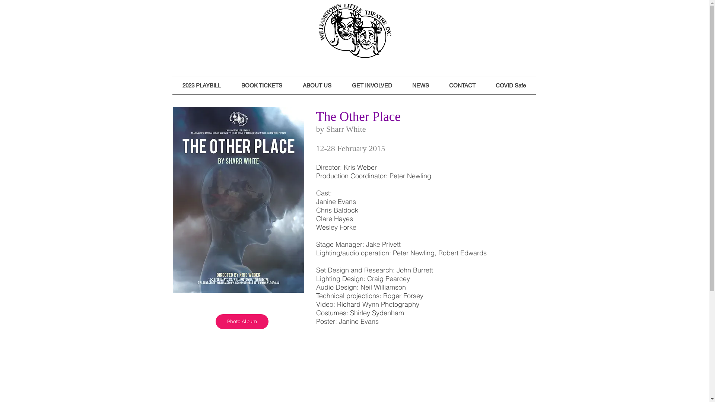 The image size is (715, 402). What do you see at coordinates (241, 321) in the screenshot?
I see `'Photo Album'` at bounding box center [241, 321].